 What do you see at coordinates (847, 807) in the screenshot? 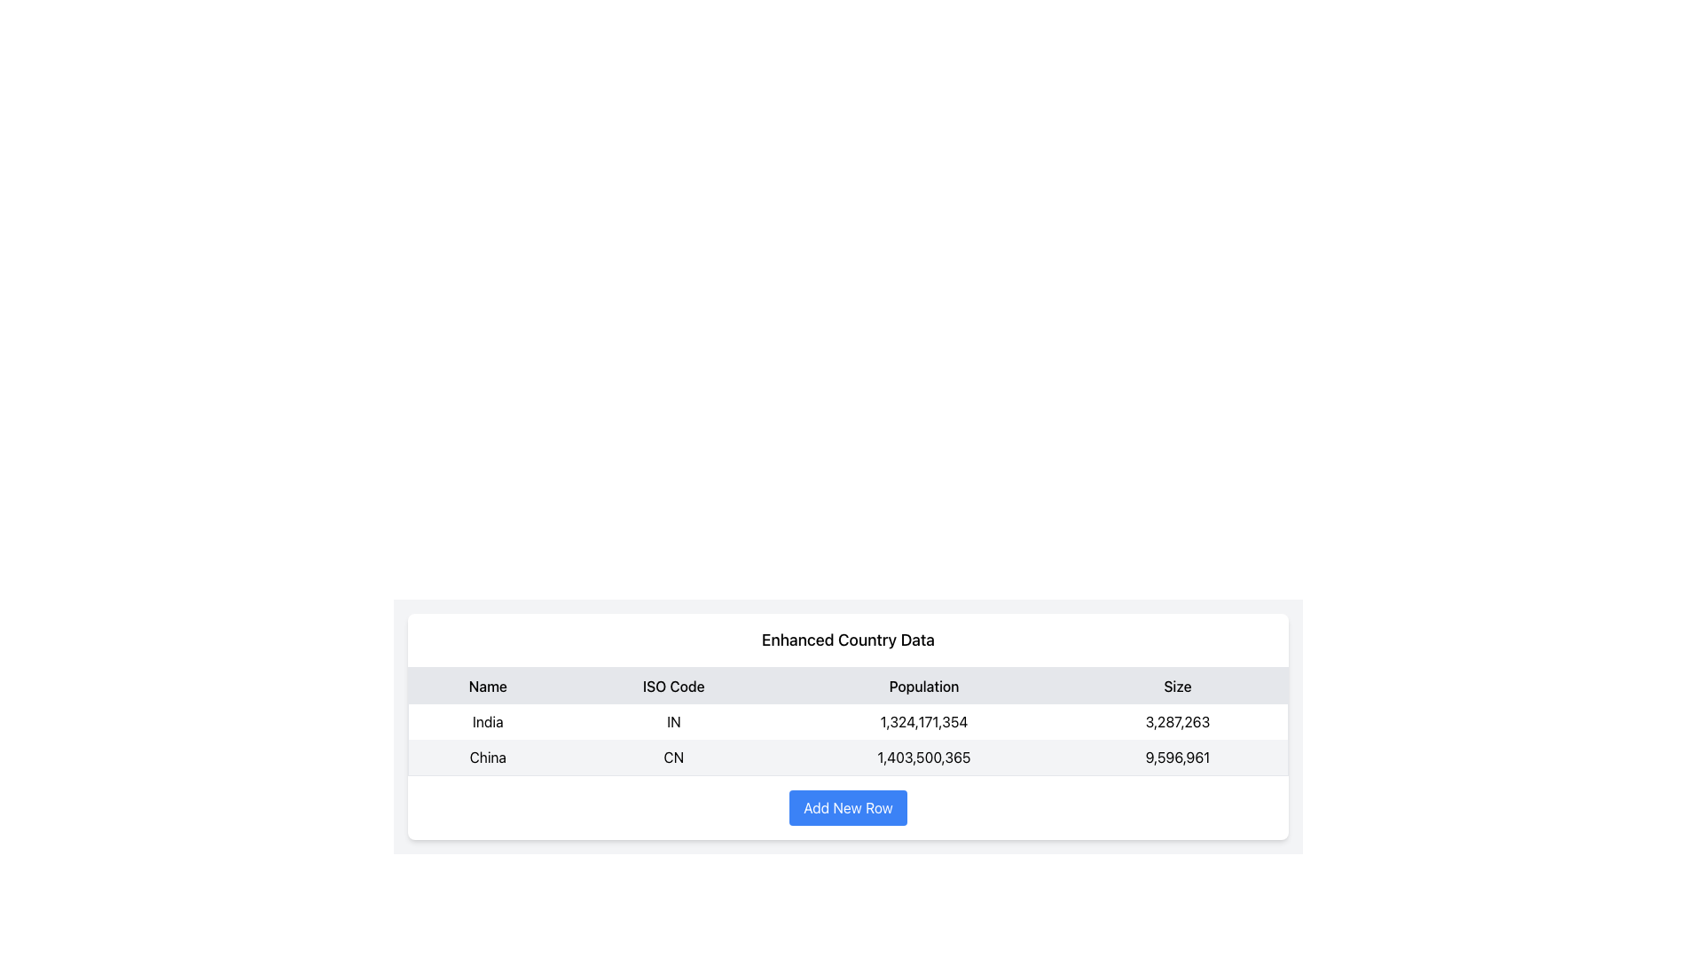
I see `the 'Add New Row' button, which is a rectangular button with a blue background and white text located at the bottom of the 'Enhanced Country Data' card, to observe the hover effect` at bounding box center [847, 807].